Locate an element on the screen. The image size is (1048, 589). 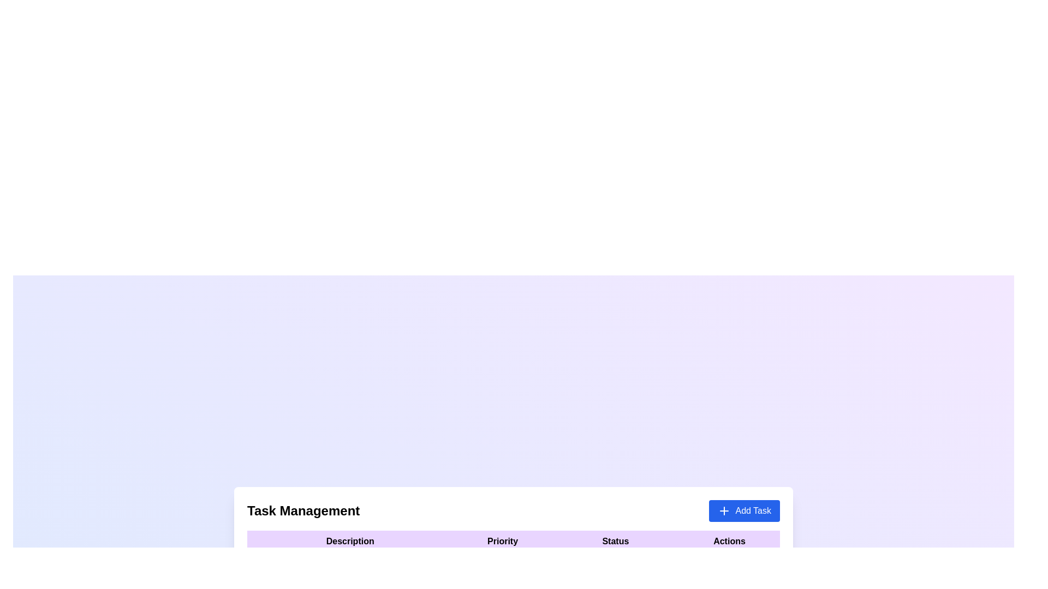
the Text Label that categorizes priorities, located between the 'Description' and 'Status' labels in the table interface is located at coordinates (502, 541).